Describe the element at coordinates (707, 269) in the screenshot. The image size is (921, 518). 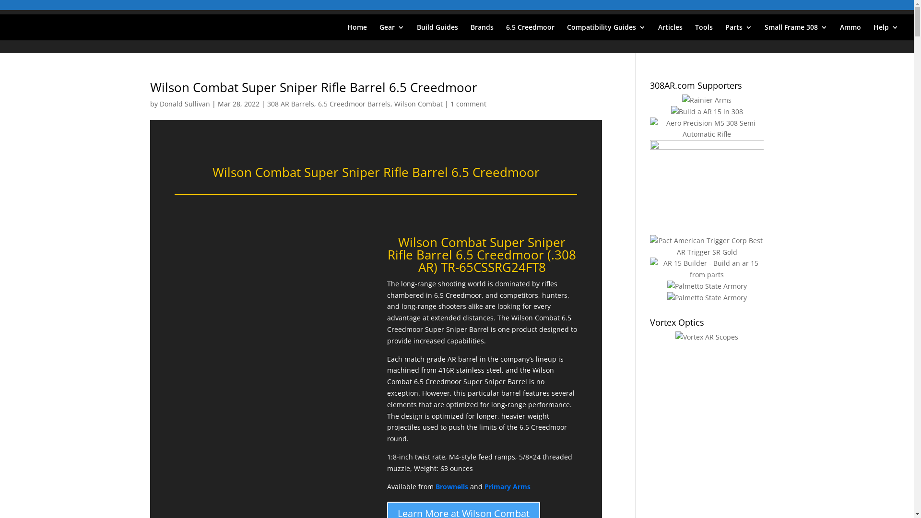
I see `'ar15 builder'` at that location.